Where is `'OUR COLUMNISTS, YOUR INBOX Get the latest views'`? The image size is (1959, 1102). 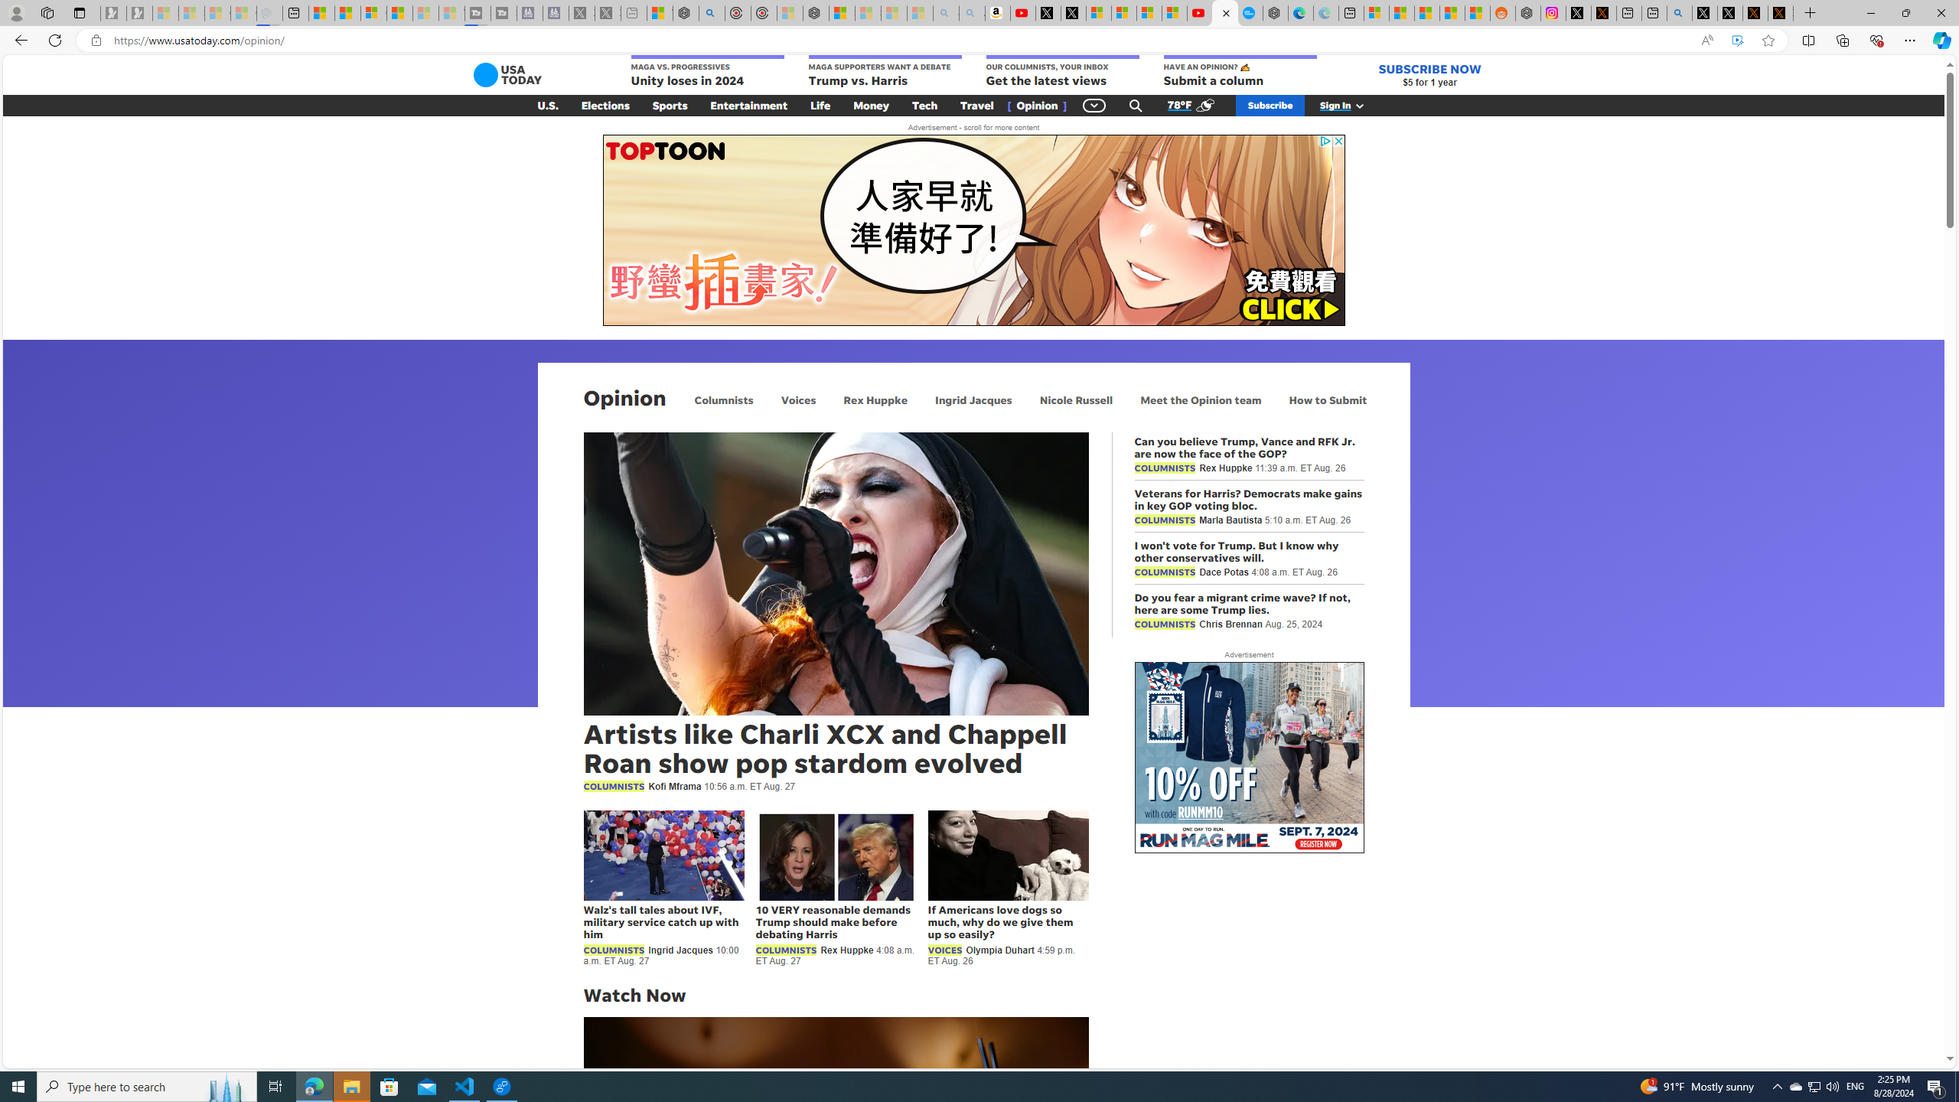
'OUR COLUMNISTS, YOUR INBOX Get the latest views' is located at coordinates (1061, 71).